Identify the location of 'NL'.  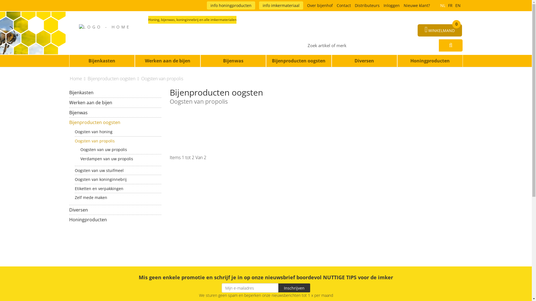
(442, 6).